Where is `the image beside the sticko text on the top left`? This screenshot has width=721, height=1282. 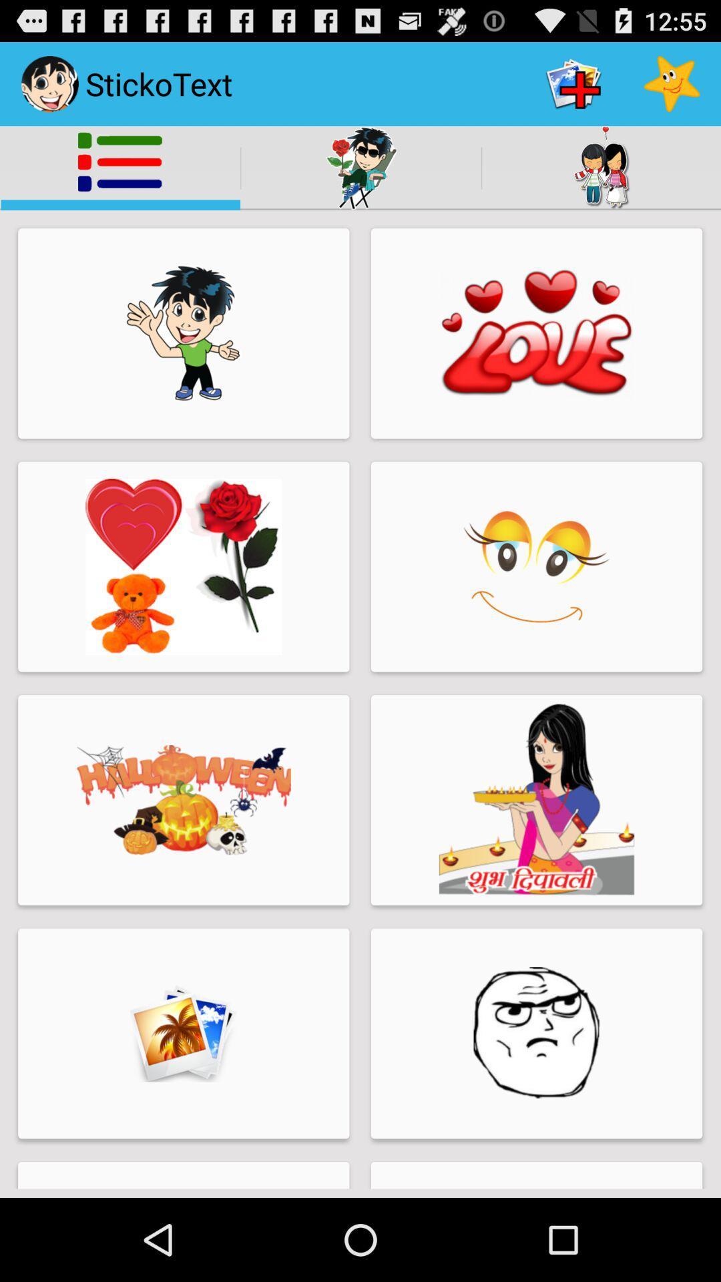
the image beside the sticko text on the top left is located at coordinates (49, 83).